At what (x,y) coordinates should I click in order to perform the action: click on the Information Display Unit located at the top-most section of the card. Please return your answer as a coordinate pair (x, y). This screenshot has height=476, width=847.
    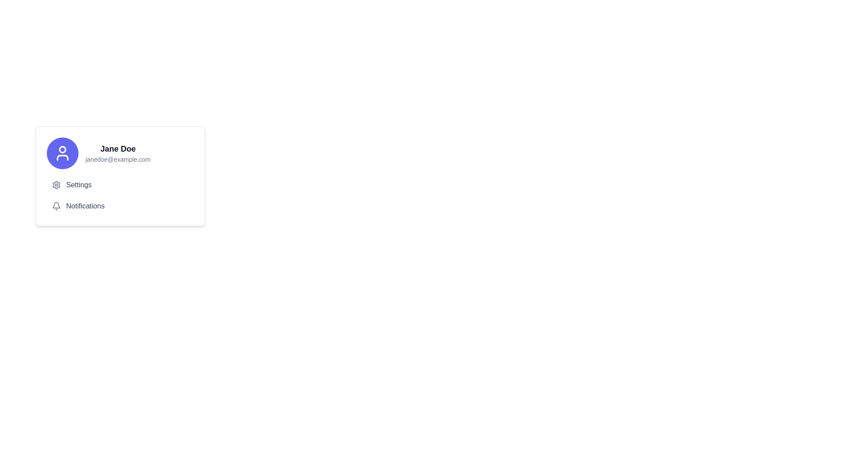
    Looking at the image, I should click on (120, 152).